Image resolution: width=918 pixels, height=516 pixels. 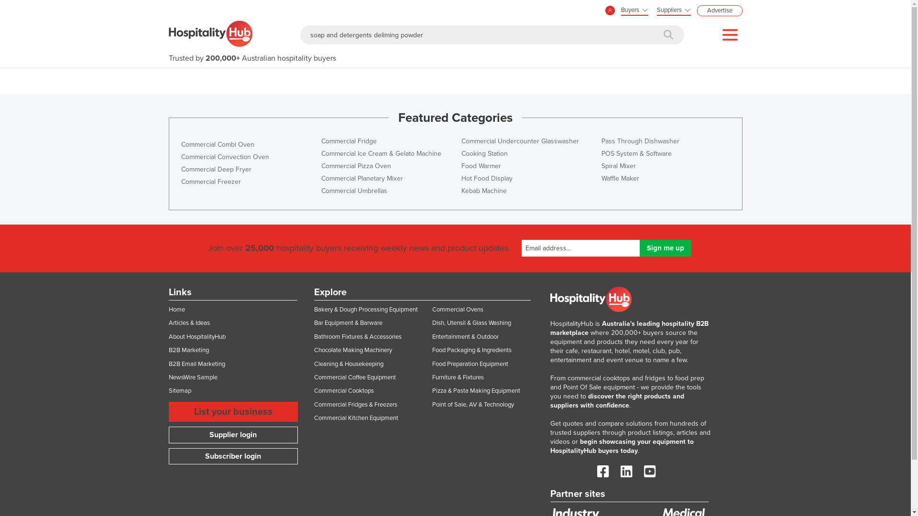 What do you see at coordinates (188, 322) in the screenshot?
I see `'Articles & Ideas'` at bounding box center [188, 322].